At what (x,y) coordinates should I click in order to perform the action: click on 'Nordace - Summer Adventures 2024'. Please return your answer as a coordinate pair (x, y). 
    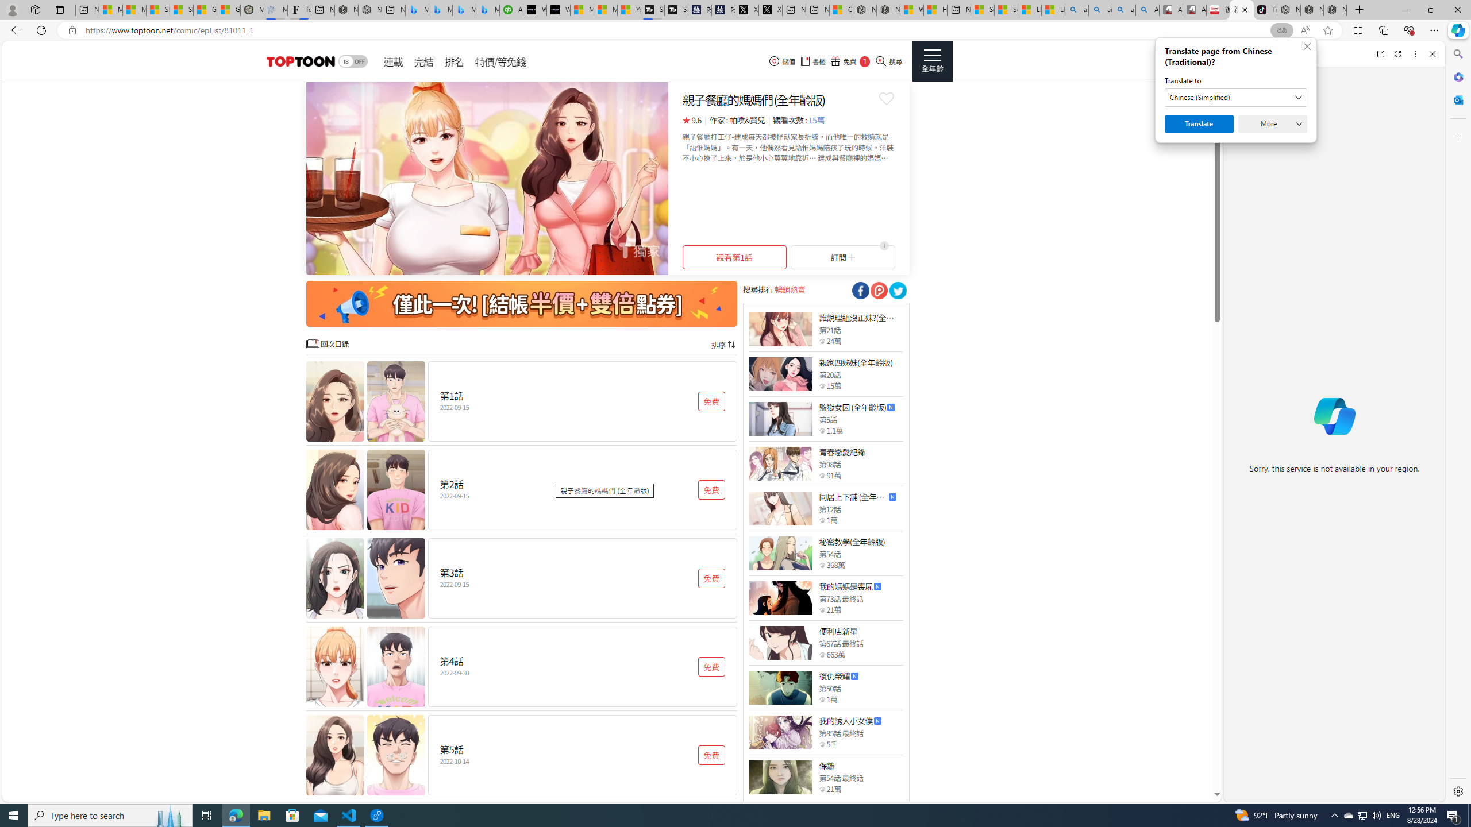
    Looking at the image, I should click on (888, 9).